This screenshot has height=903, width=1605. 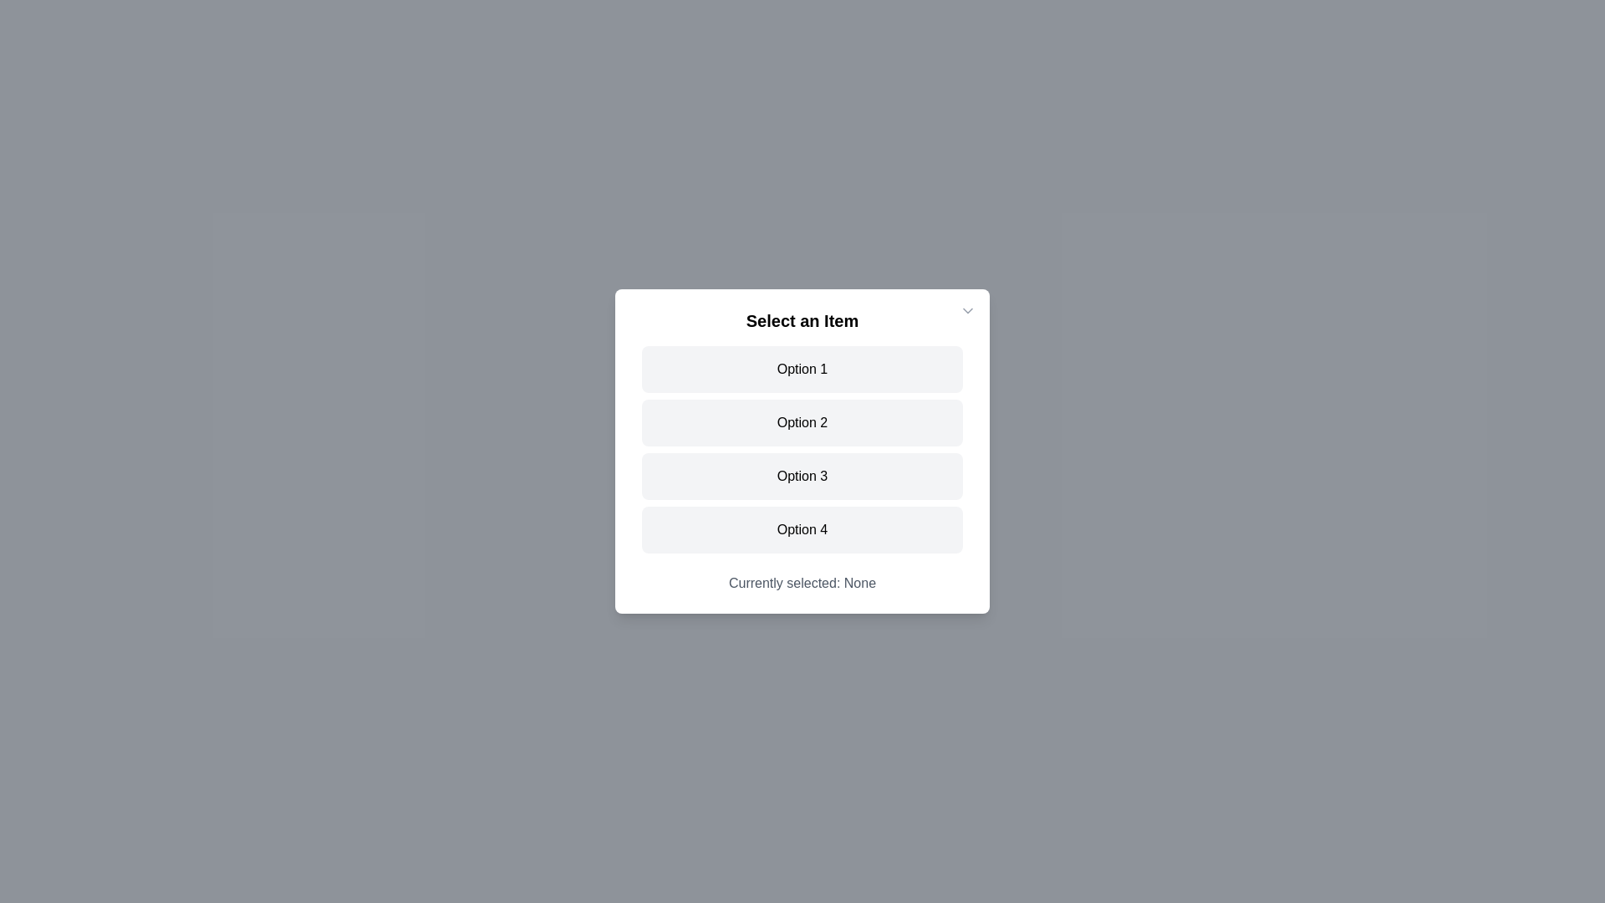 What do you see at coordinates (802, 421) in the screenshot?
I see `the item Option 2 from the list` at bounding box center [802, 421].